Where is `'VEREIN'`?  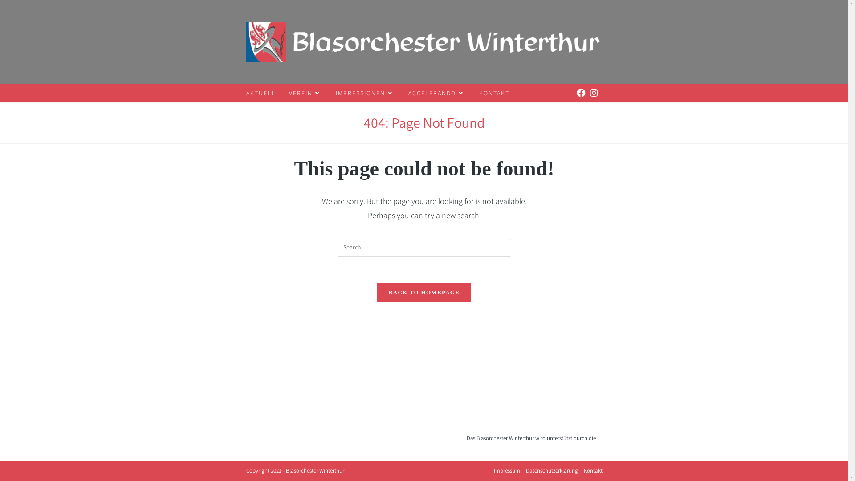
'VEREIN' is located at coordinates (305, 93).